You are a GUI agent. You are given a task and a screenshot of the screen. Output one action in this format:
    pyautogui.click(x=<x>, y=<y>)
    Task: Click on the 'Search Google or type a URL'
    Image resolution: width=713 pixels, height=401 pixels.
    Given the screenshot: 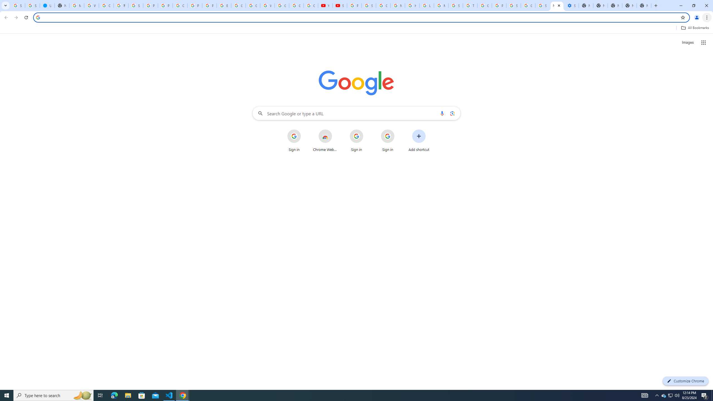 What is the action you would take?
    pyautogui.click(x=356, y=113)
    